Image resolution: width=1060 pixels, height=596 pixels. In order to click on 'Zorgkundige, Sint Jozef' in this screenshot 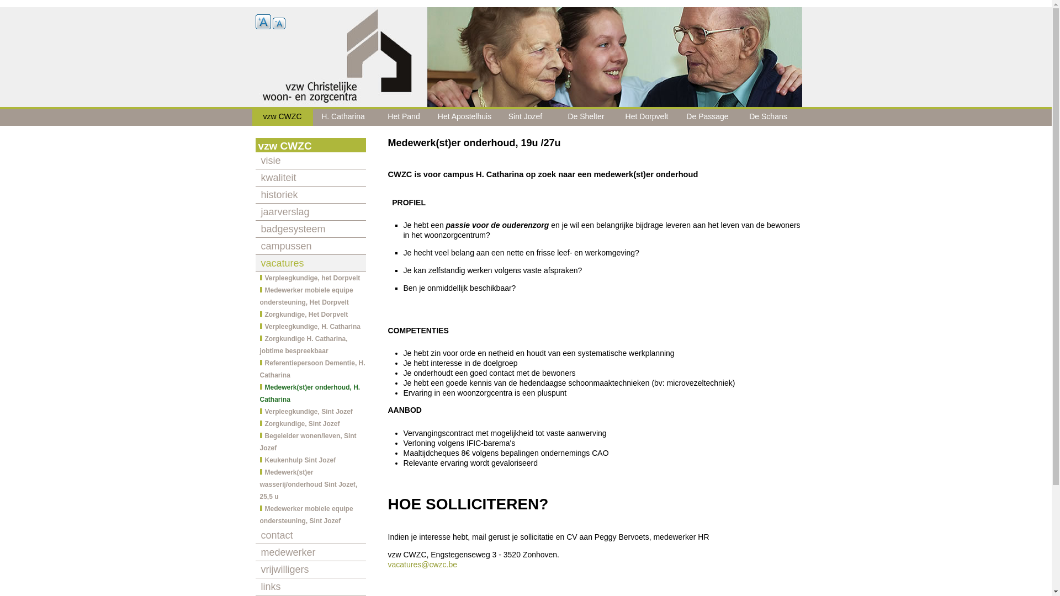, I will do `click(309, 423)`.